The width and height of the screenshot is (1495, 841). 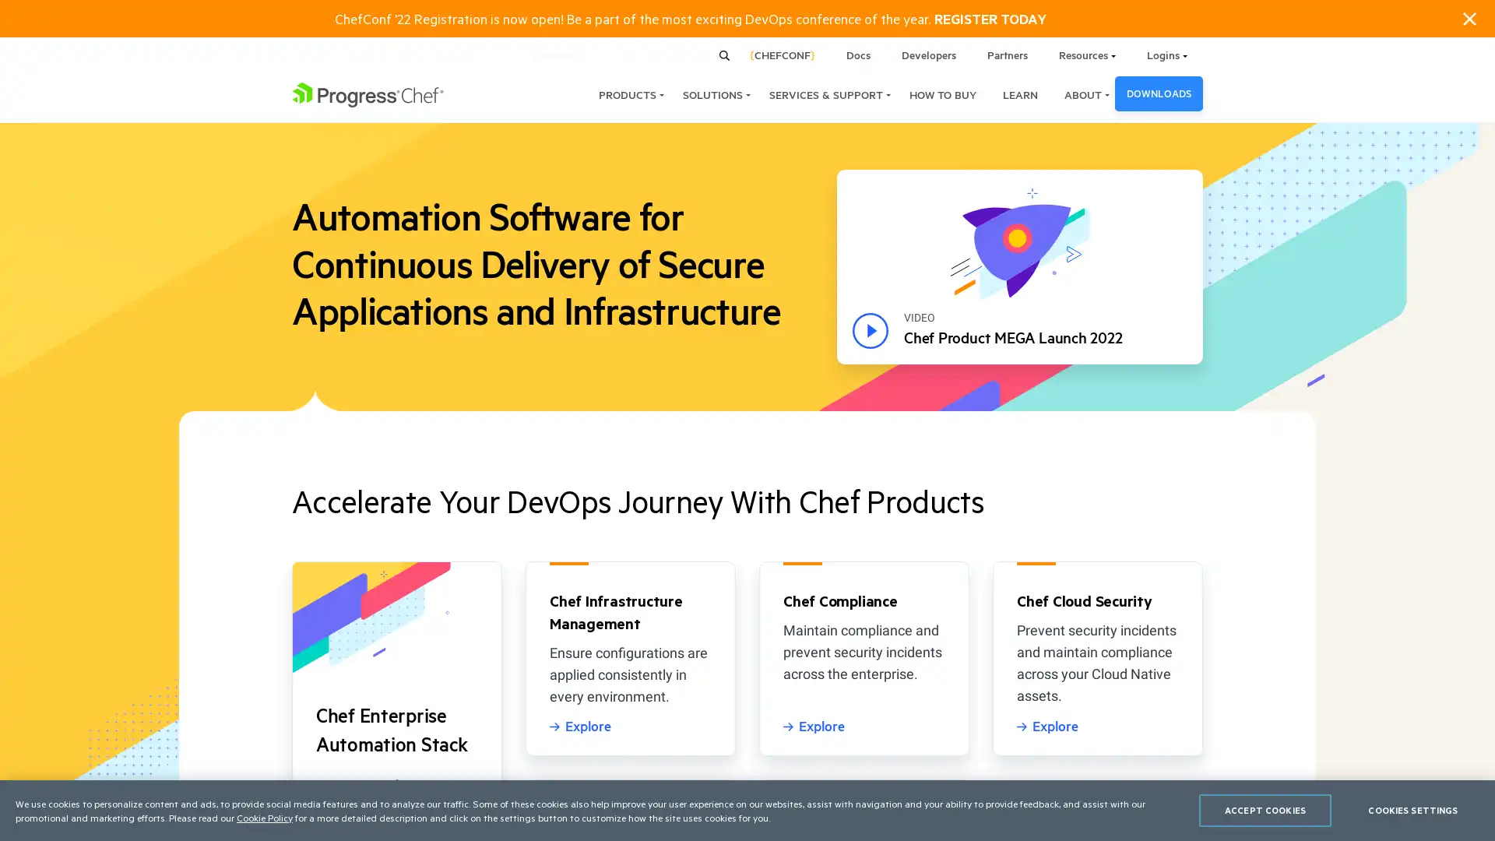 What do you see at coordinates (1265, 810) in the screenshot?
I see `ACCEPT COOKIES` at bounding box center [1265, 810].